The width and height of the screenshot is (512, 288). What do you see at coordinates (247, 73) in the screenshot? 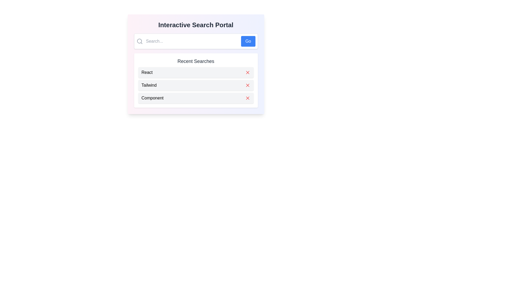
I see `the delete button located on the right-hand side of the 'React' item in the 'Recent Searches' list` at bounding box center [247, 73].